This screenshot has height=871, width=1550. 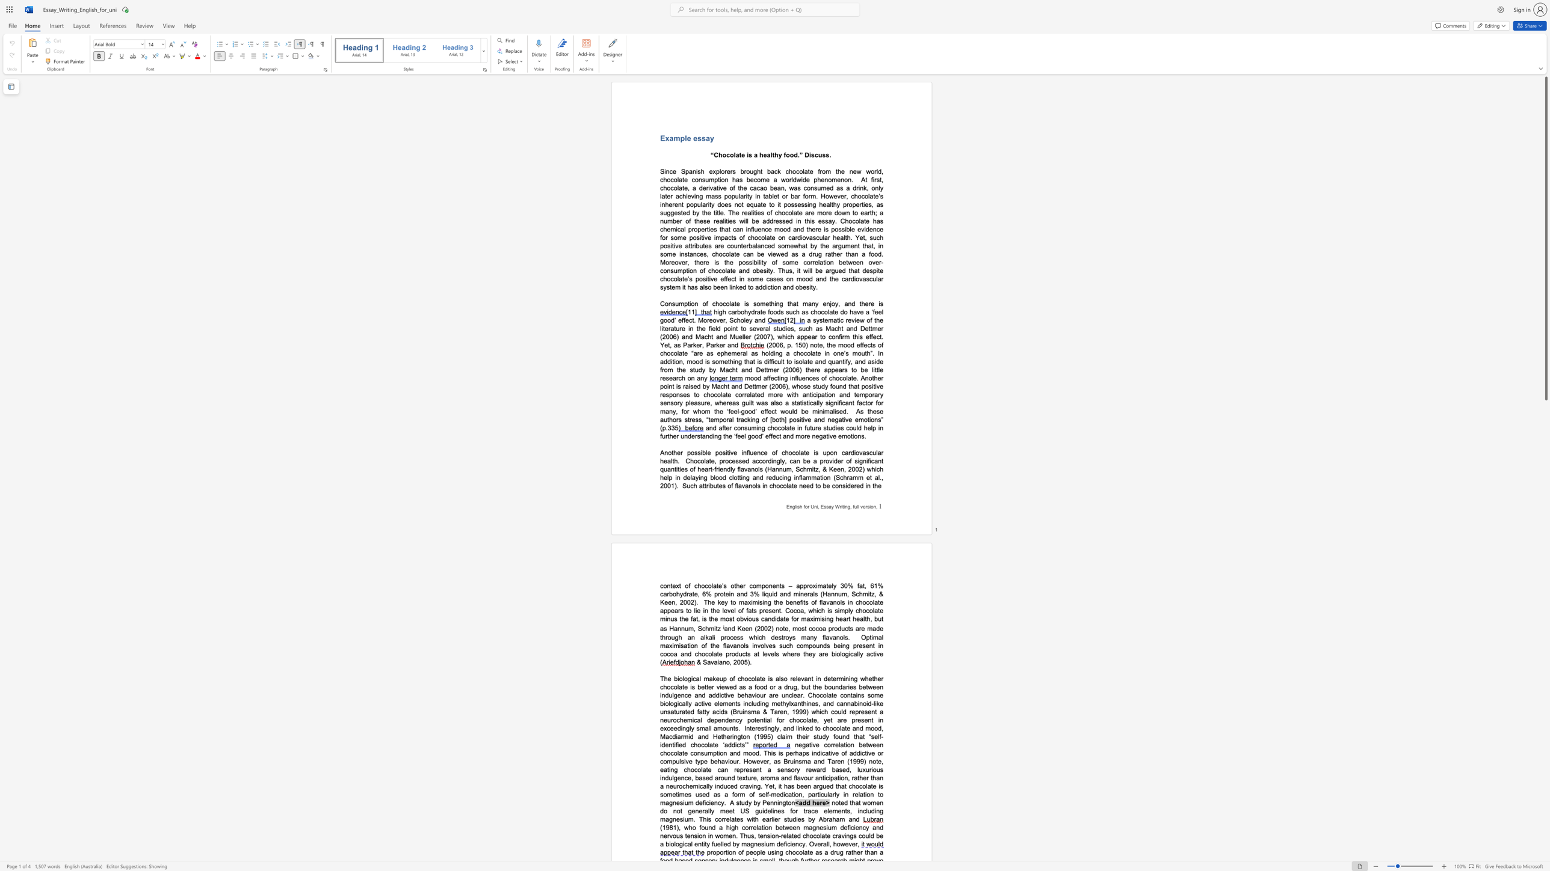 I want to click on the scrollbar to scroll the page down, so click(x=1545, y=435).